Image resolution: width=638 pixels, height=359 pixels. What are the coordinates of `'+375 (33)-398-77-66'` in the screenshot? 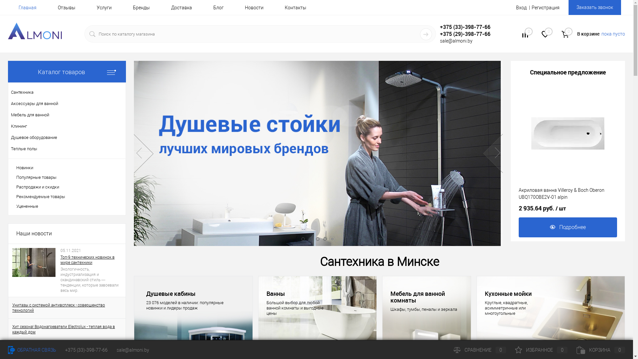 It's located at (86, 350).